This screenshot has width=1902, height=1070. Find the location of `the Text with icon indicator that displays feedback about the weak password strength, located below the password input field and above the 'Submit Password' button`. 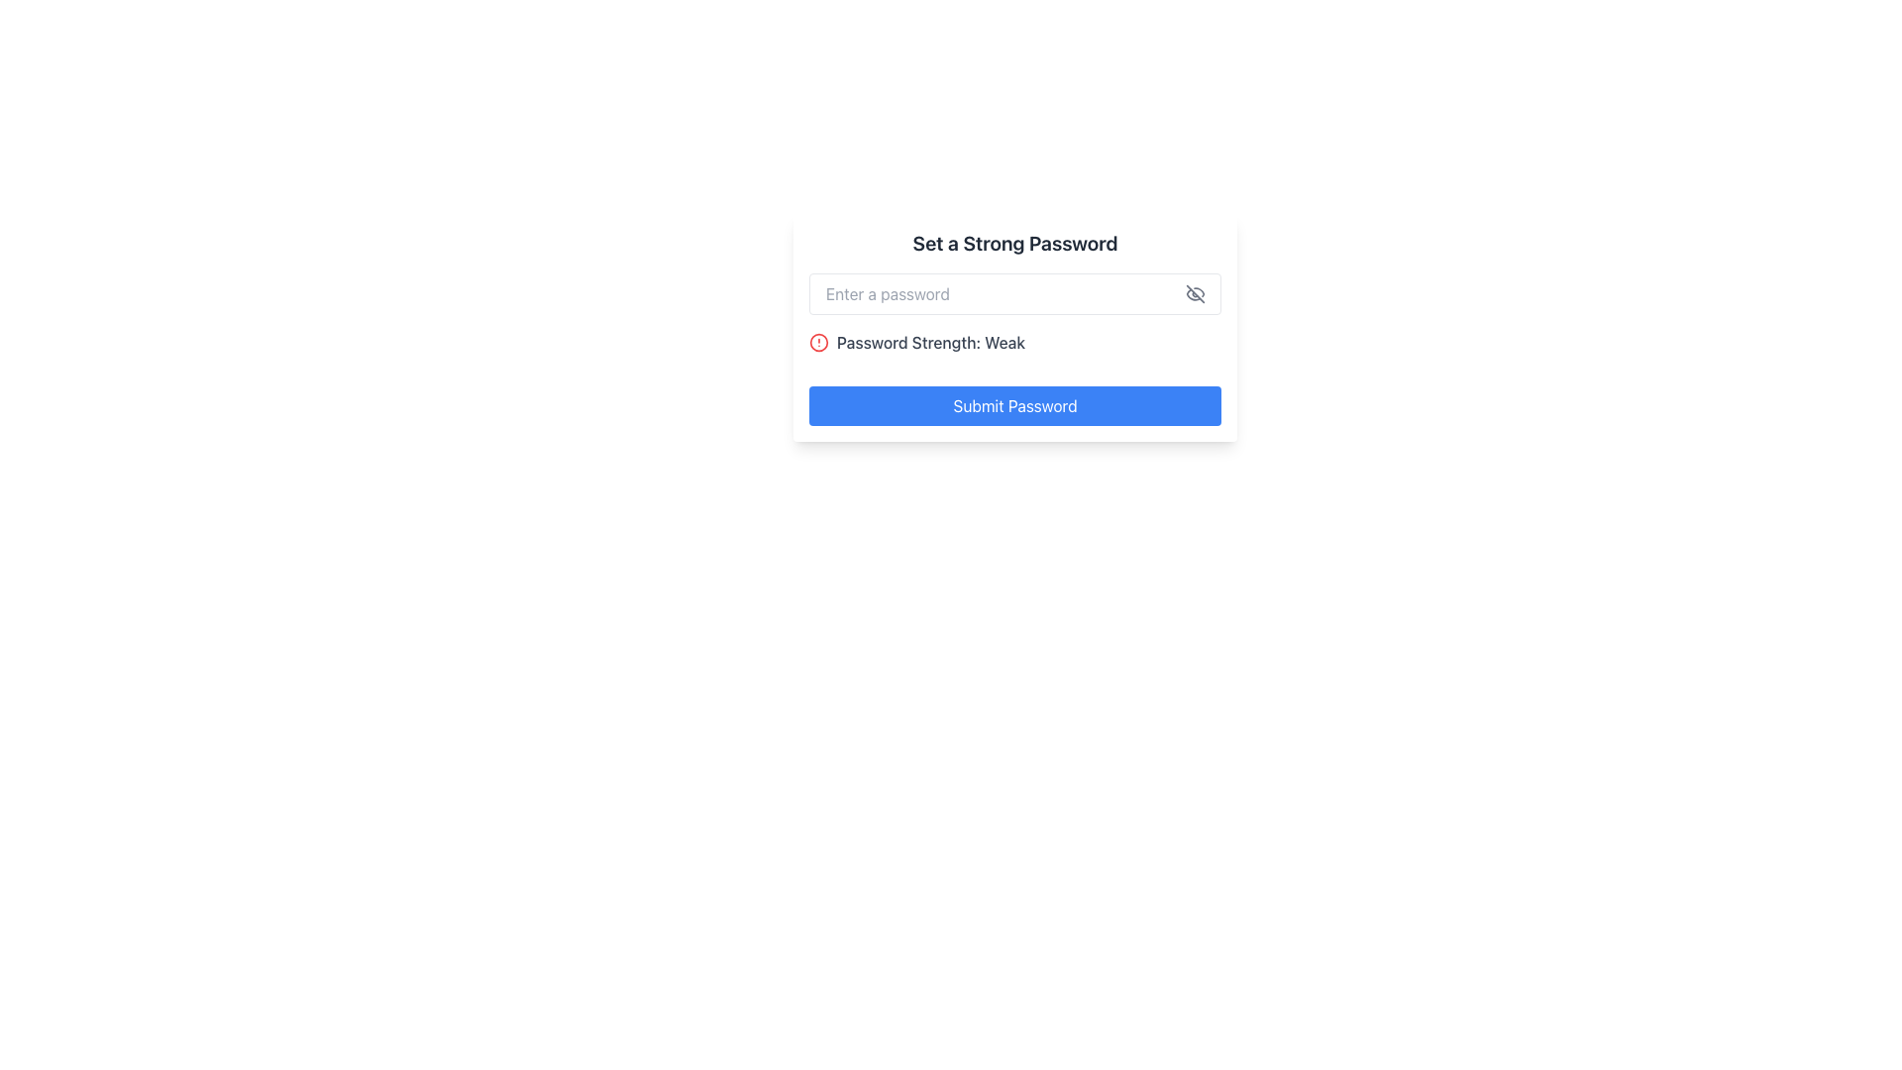

the Text with icon indicator that displays feedback about the weak password strength, located below the password input field and above the 'Submit Password' button is located at coordinates (1015, 342).